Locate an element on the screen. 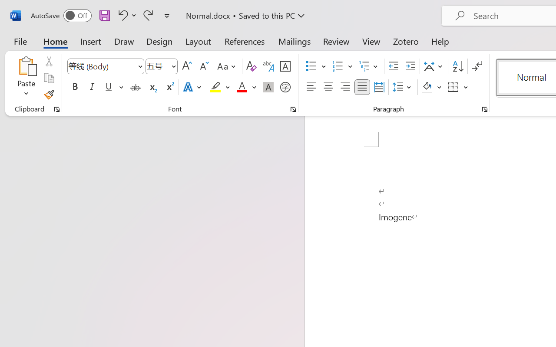 This screenshot has width=556, height=347. 'Grow Font' is located at coordinates (186, 66).